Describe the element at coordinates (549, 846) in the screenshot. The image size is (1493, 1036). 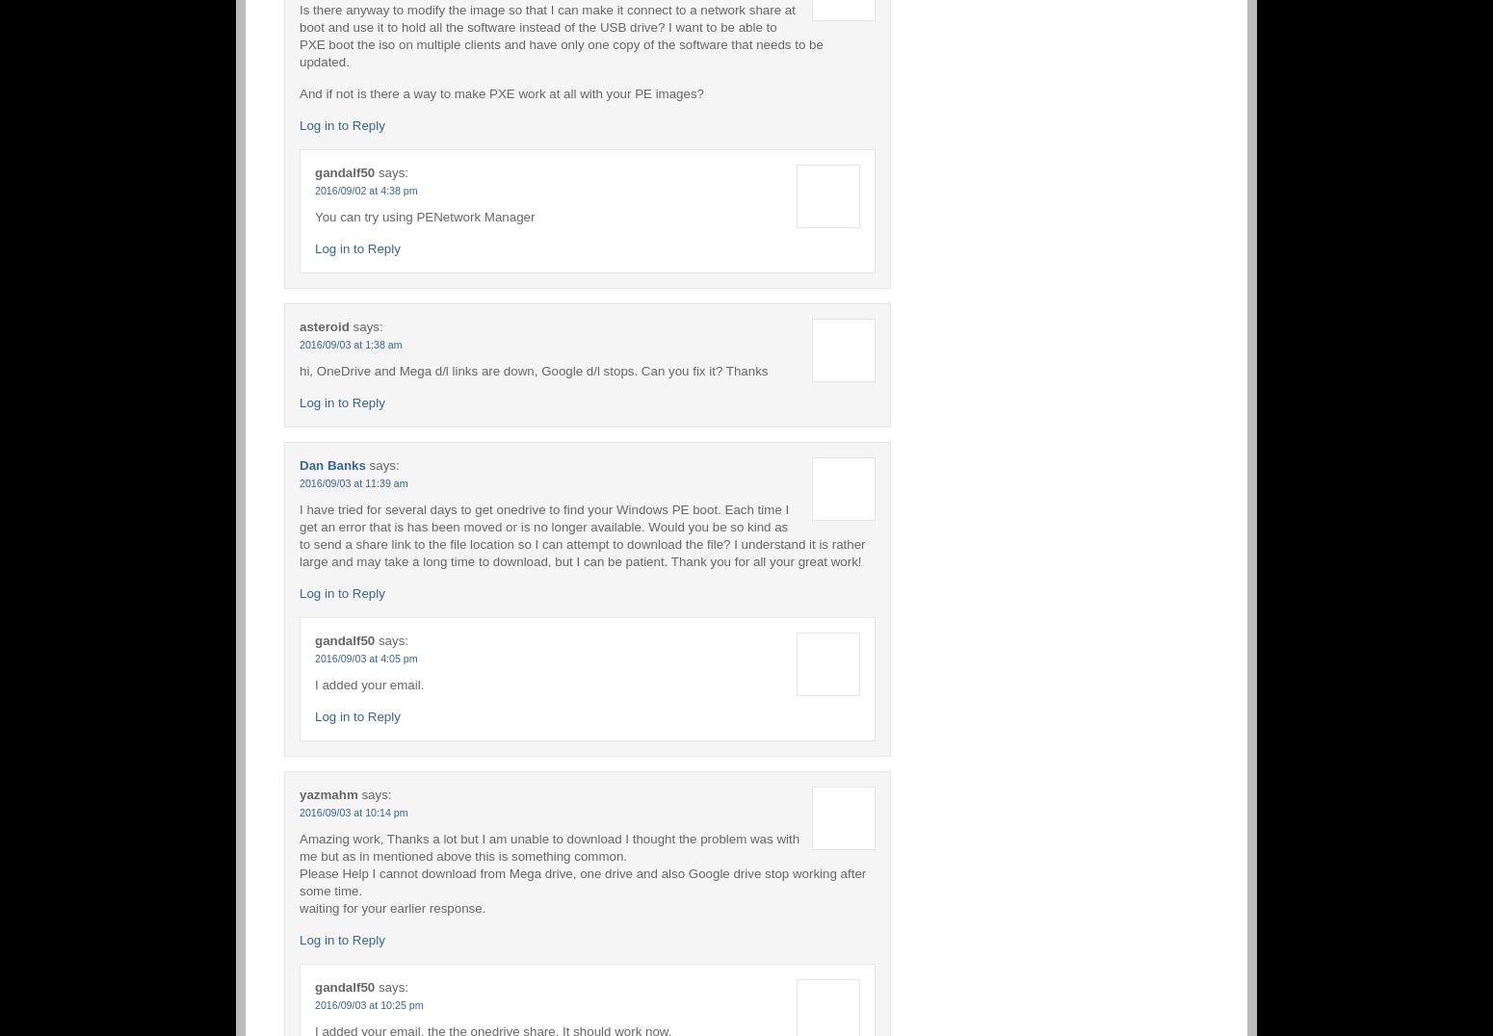
I see `'Amazing work, Thanks a lot but I am unable to download I thought the problem was with me but as in mentioned above this is something common.'` at that location.